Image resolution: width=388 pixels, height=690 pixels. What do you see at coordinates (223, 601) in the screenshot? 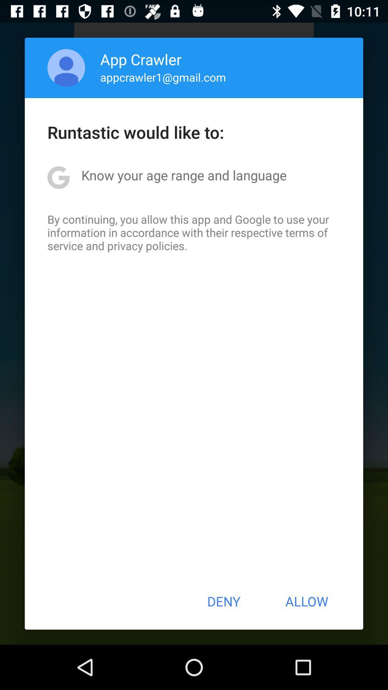
I see `button at the bottom` at bounding box center [223, 601].